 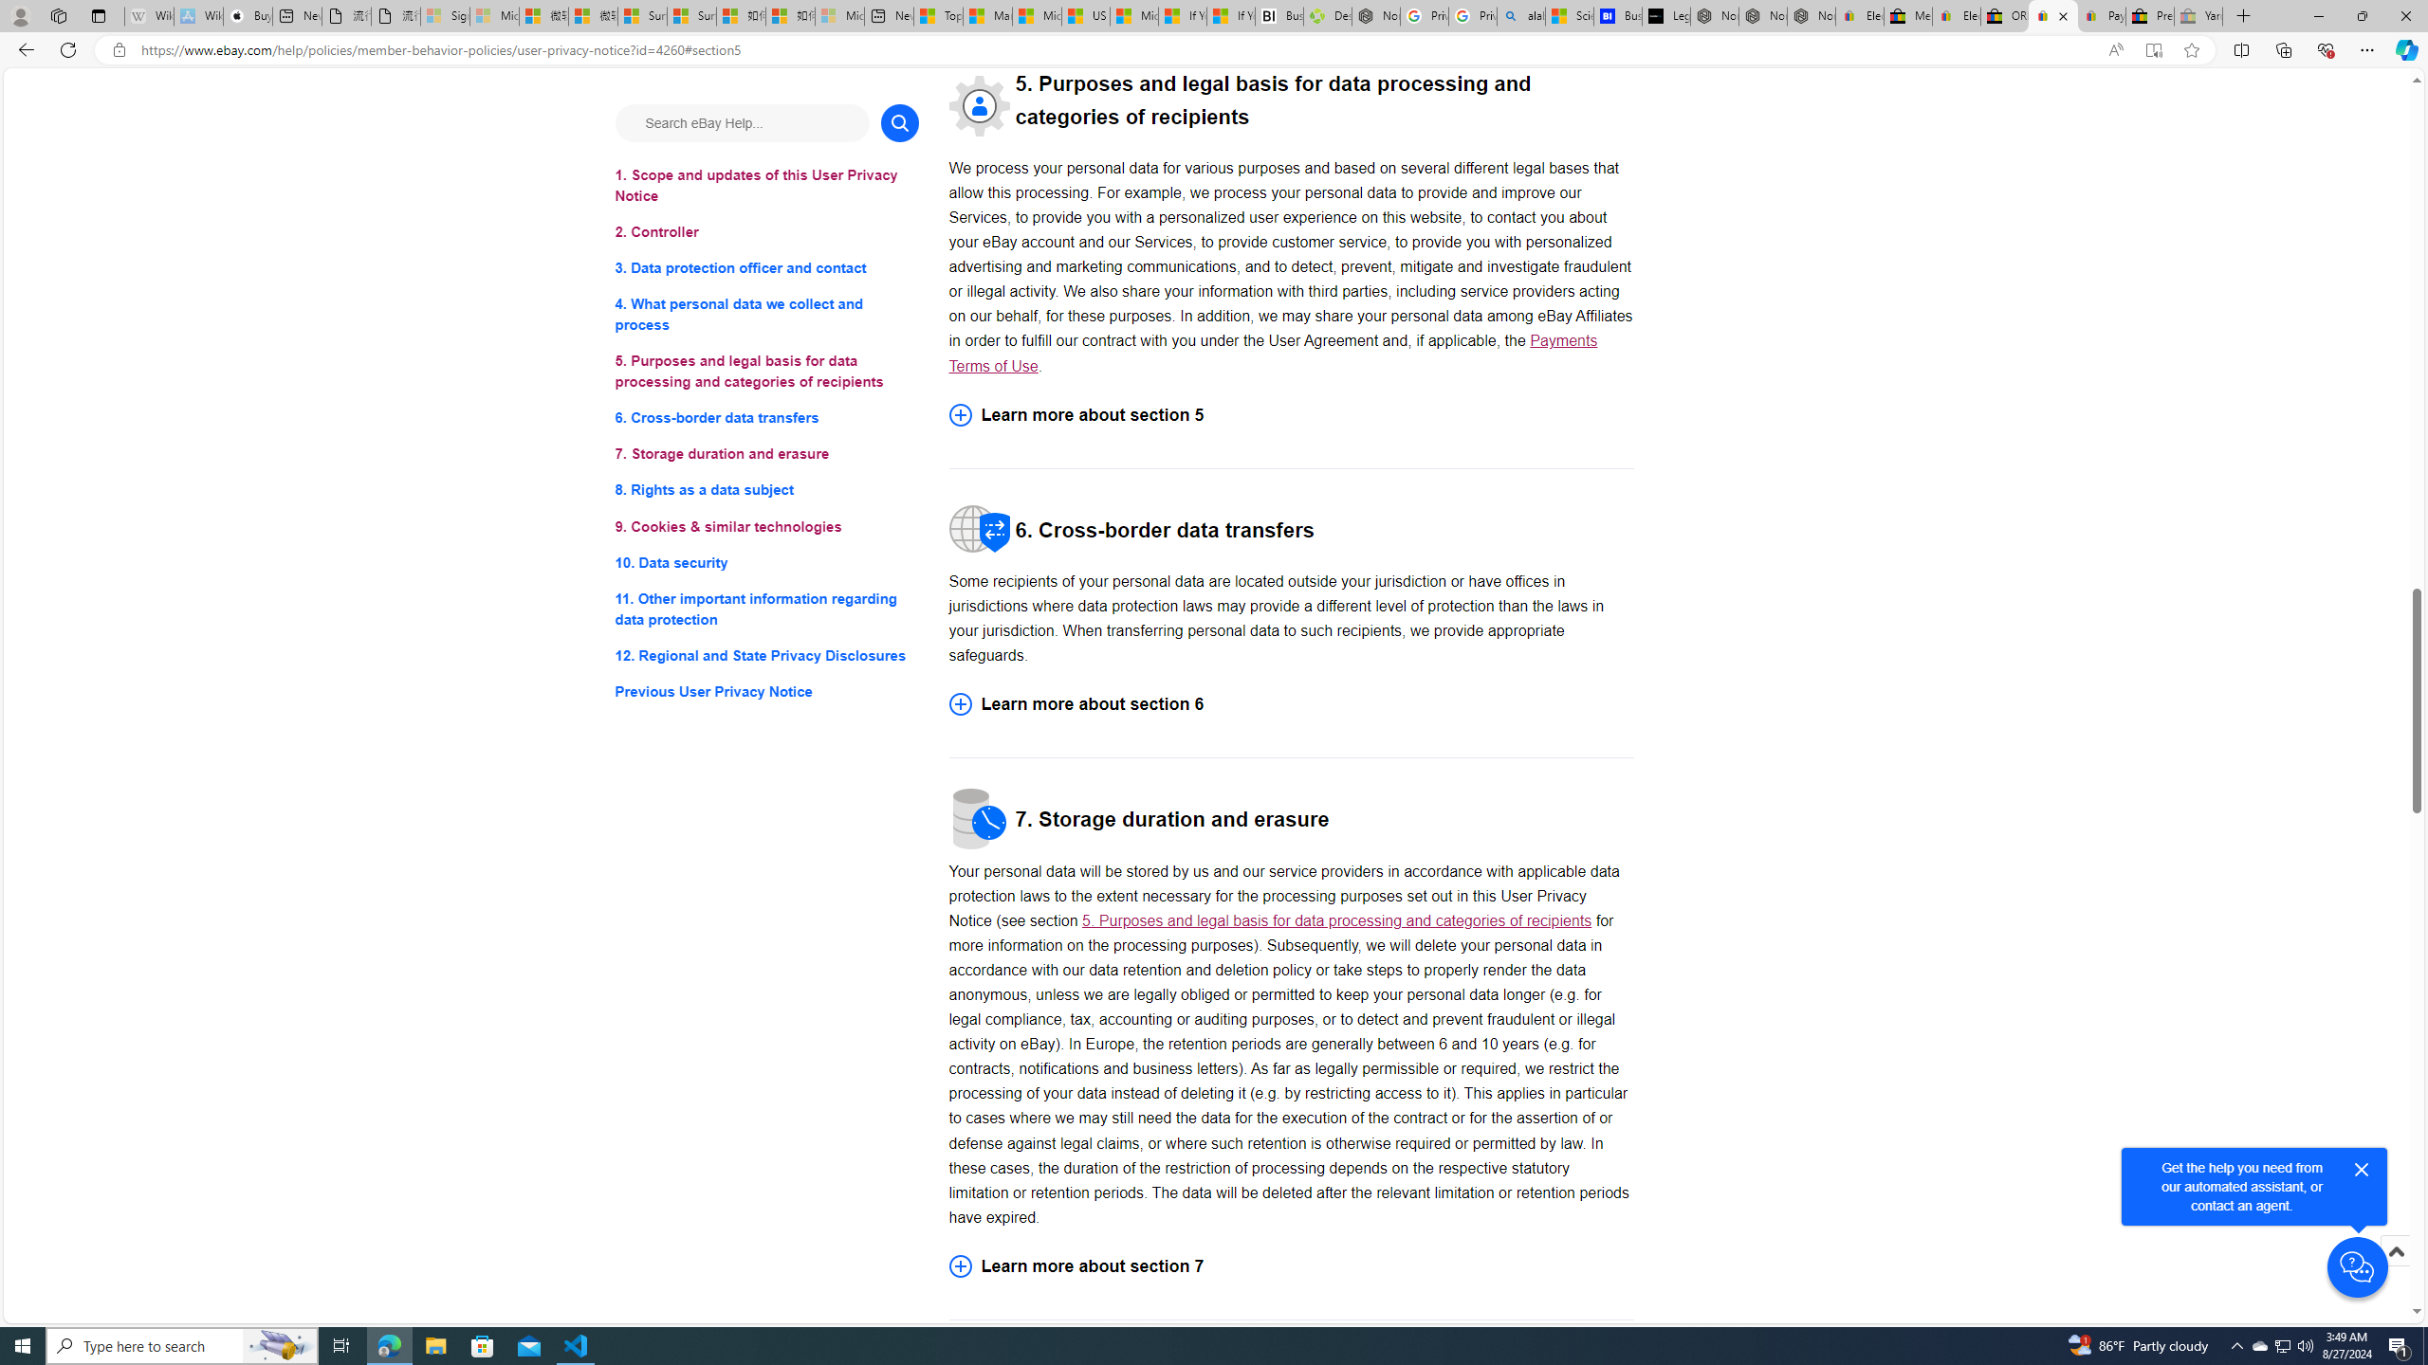 I want to click on '11. Other important information regarding data protection', so click(x=765, y=609).